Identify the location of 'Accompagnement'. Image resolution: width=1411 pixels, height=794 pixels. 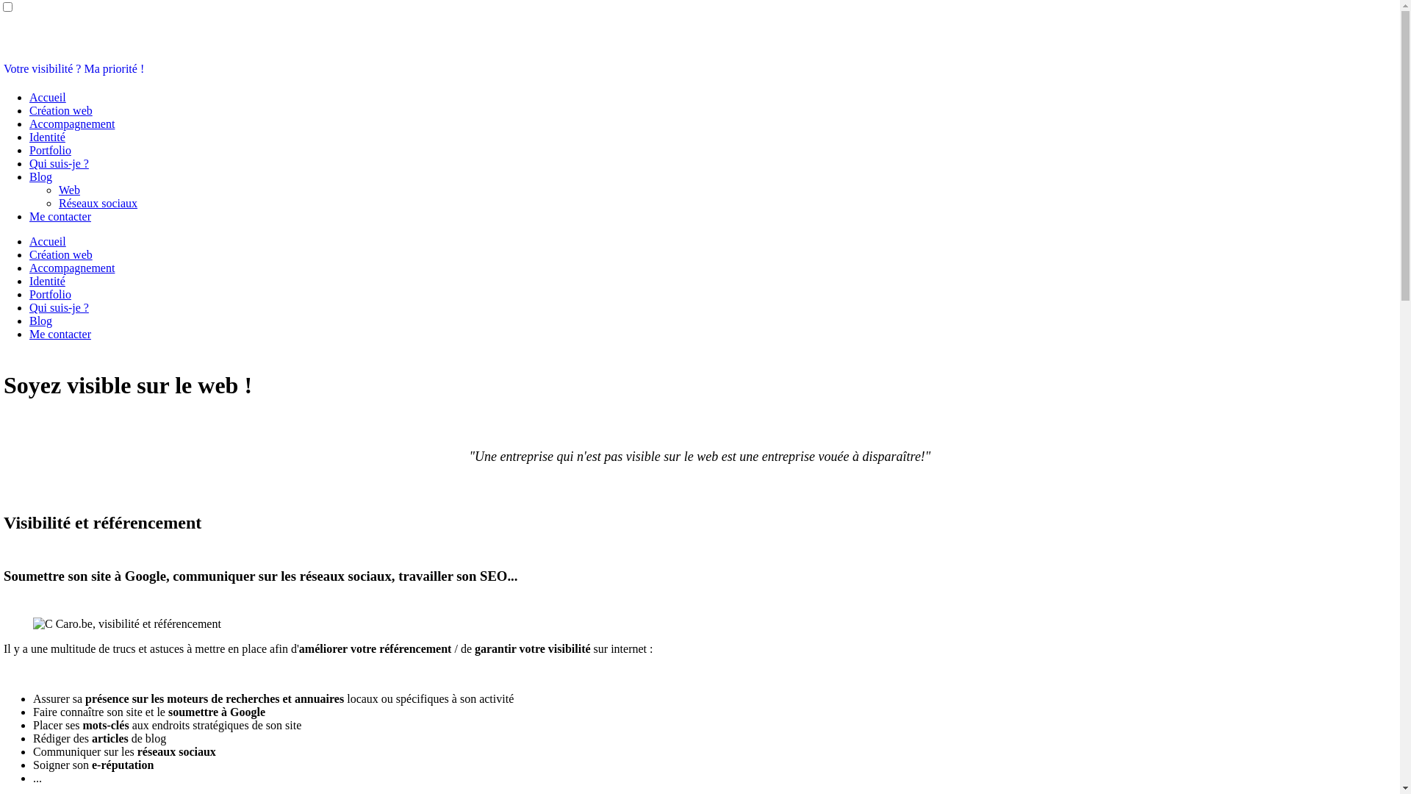
(71, 123).